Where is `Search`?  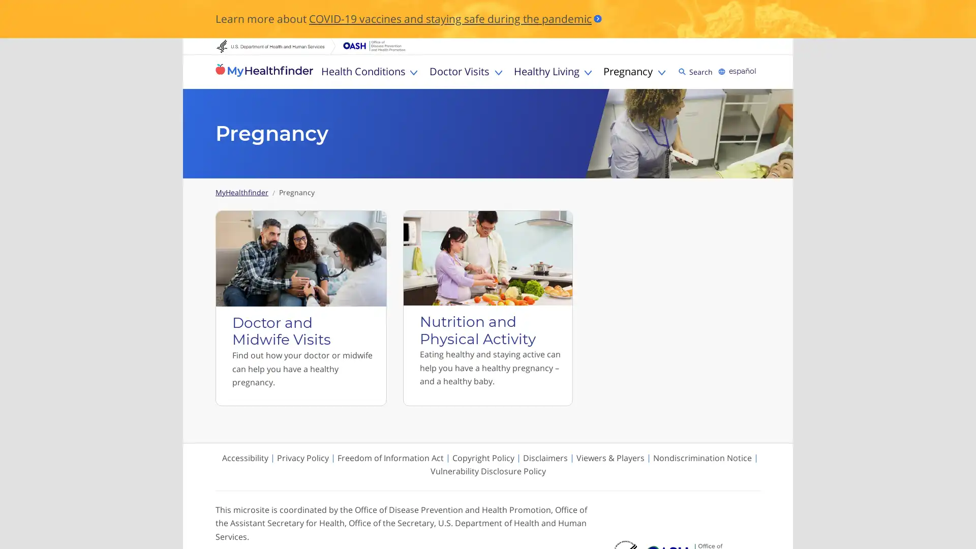
Search is located at coordinates (696, 71).